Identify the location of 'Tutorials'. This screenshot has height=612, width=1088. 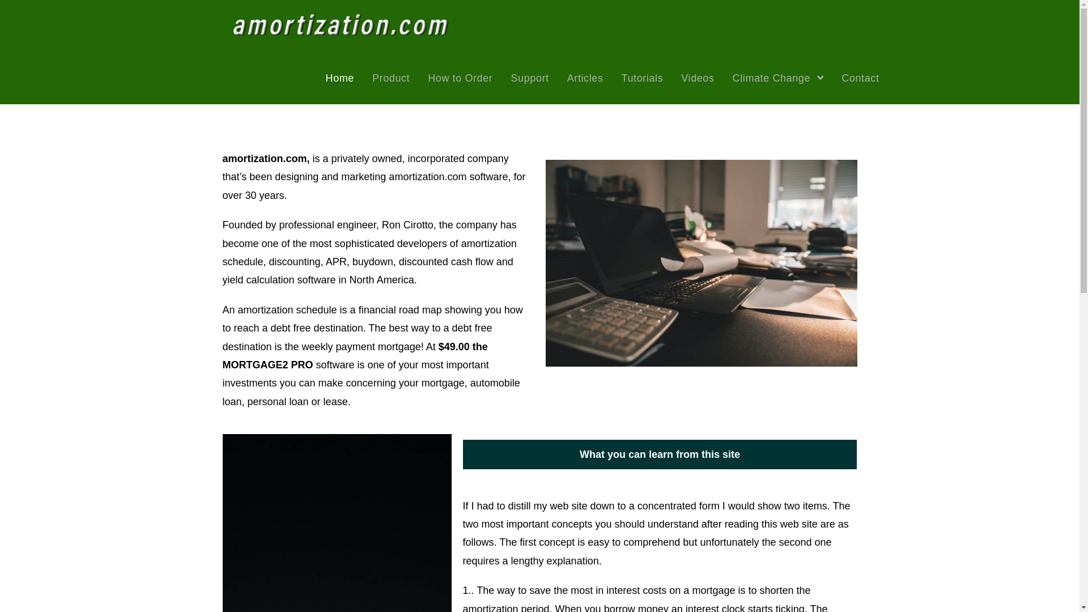
(641, 78).